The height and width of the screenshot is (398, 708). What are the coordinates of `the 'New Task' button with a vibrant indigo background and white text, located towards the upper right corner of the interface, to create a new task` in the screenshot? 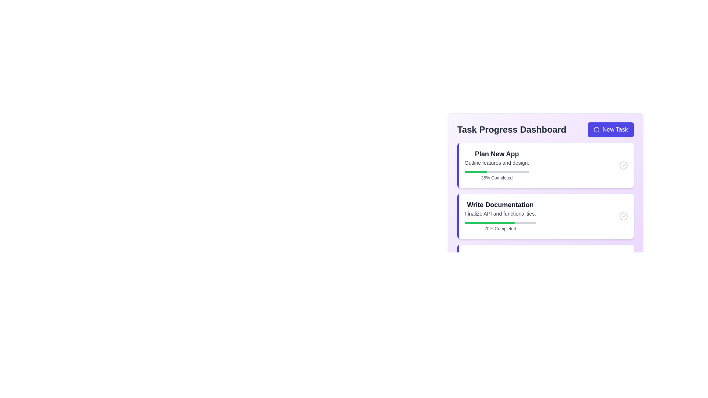 It's located at (611, 129).